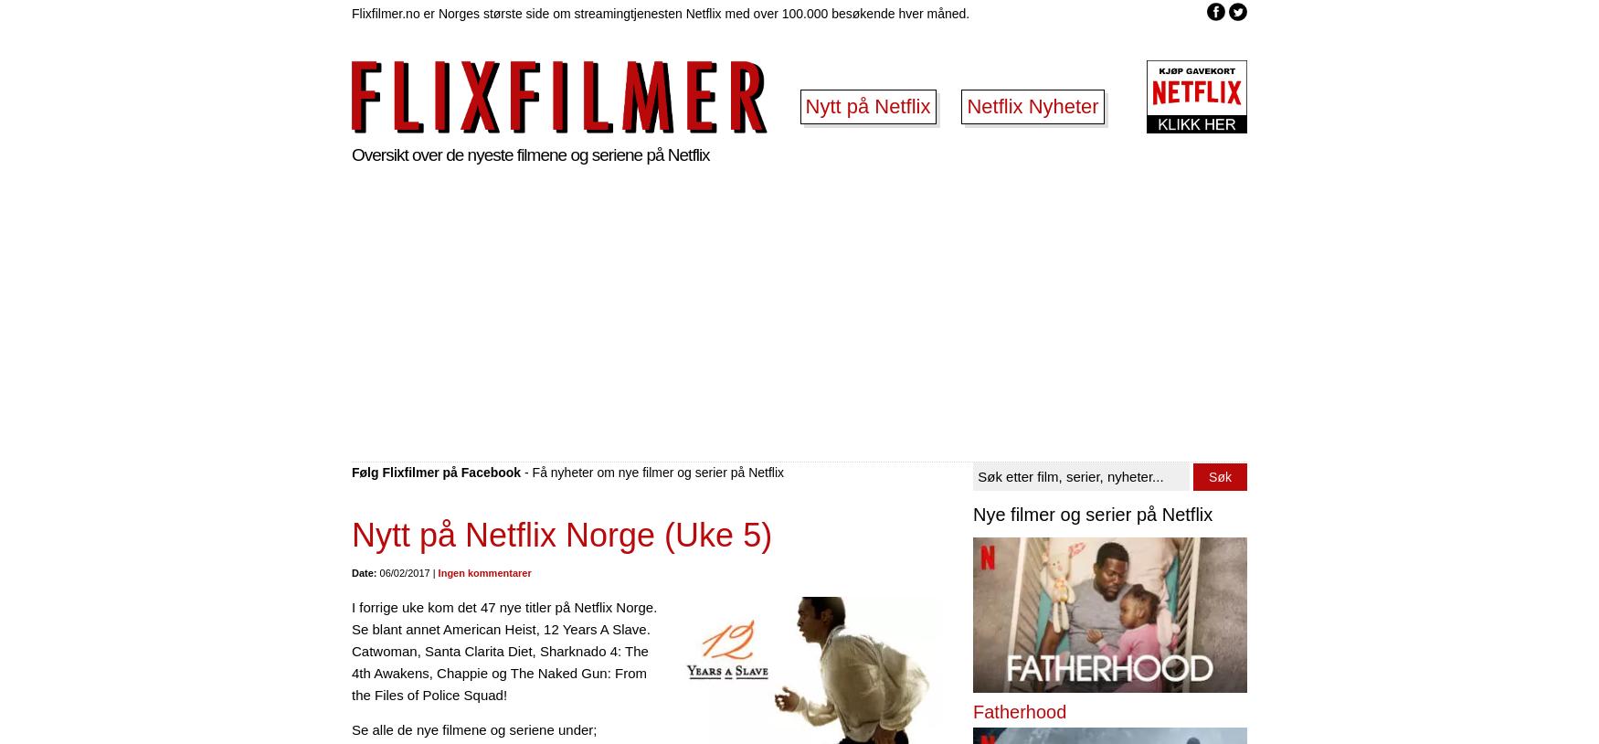 The width and height of the screenshot is (1599, 744). Describe the element at coordinates (436, 471) in the screenshot. I see `'Følg Flixfilmer på Facebook'` at that location.